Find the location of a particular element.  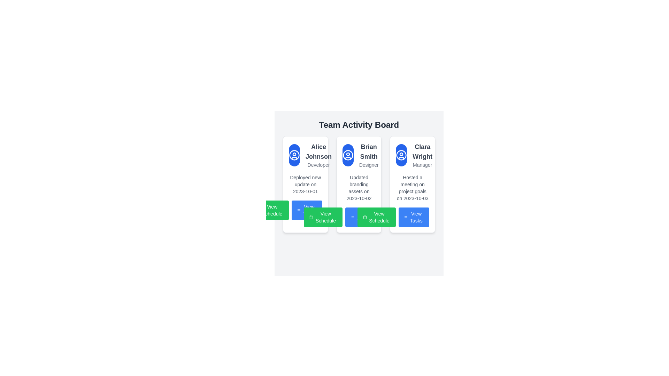

the small calendar icon located to the left of the 'View Schedule' text is located at coordinates (364, 217).